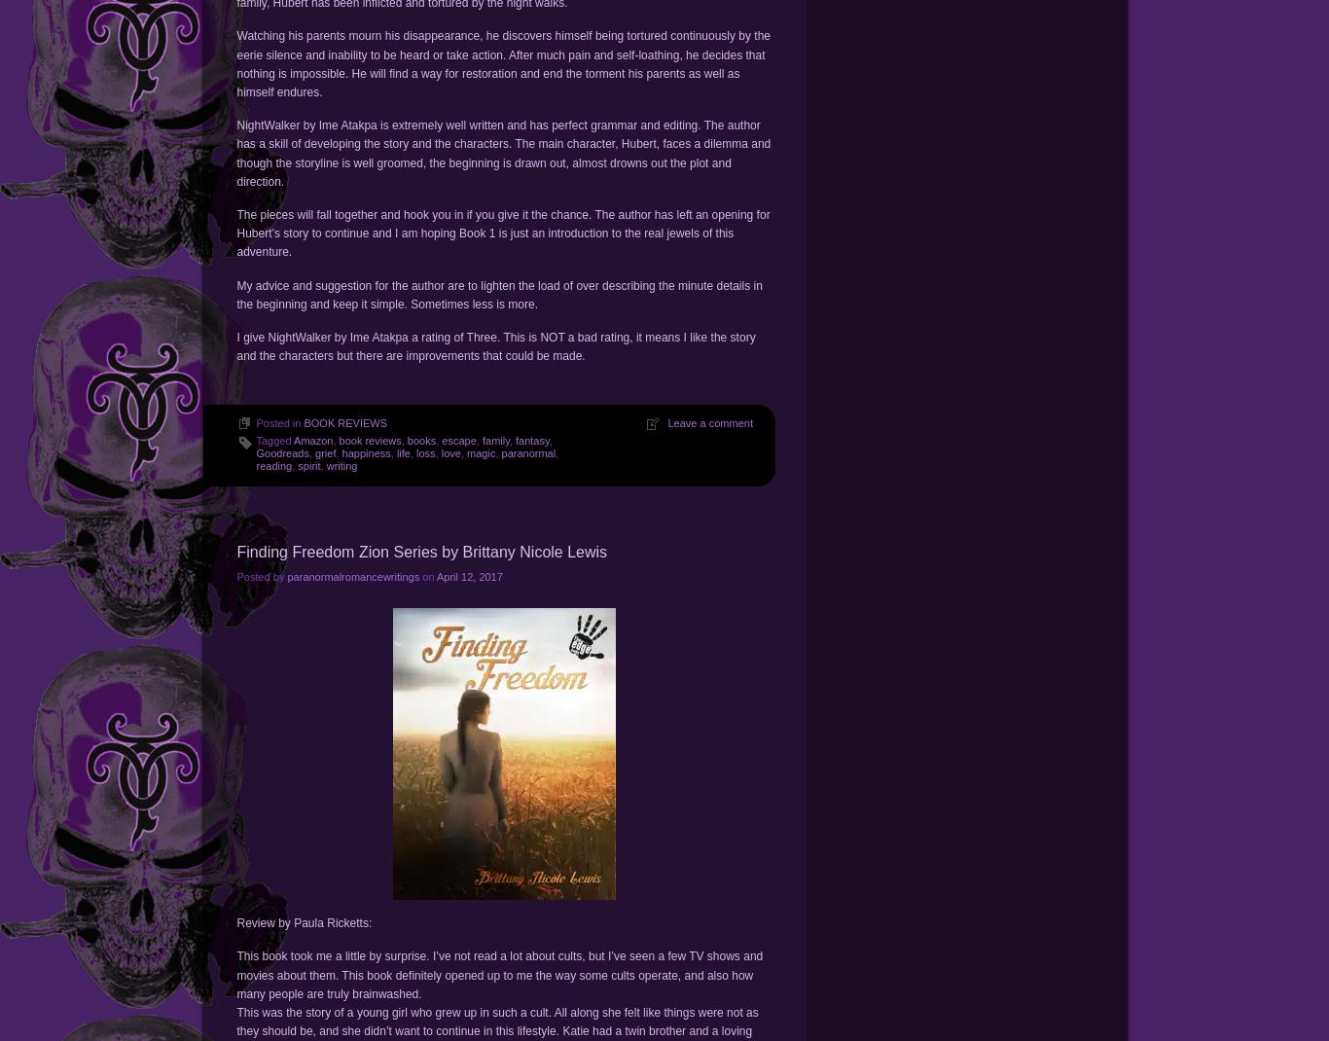  What do you see at coordinates (495, 345) in the screenshot?
I see `'I give NightWalker by Ime Atakpa a rating of Three. This is NOT a bad rating, it means I like the story and the characters but there are improvements that could be made.'` at bounding box center [495, 345].